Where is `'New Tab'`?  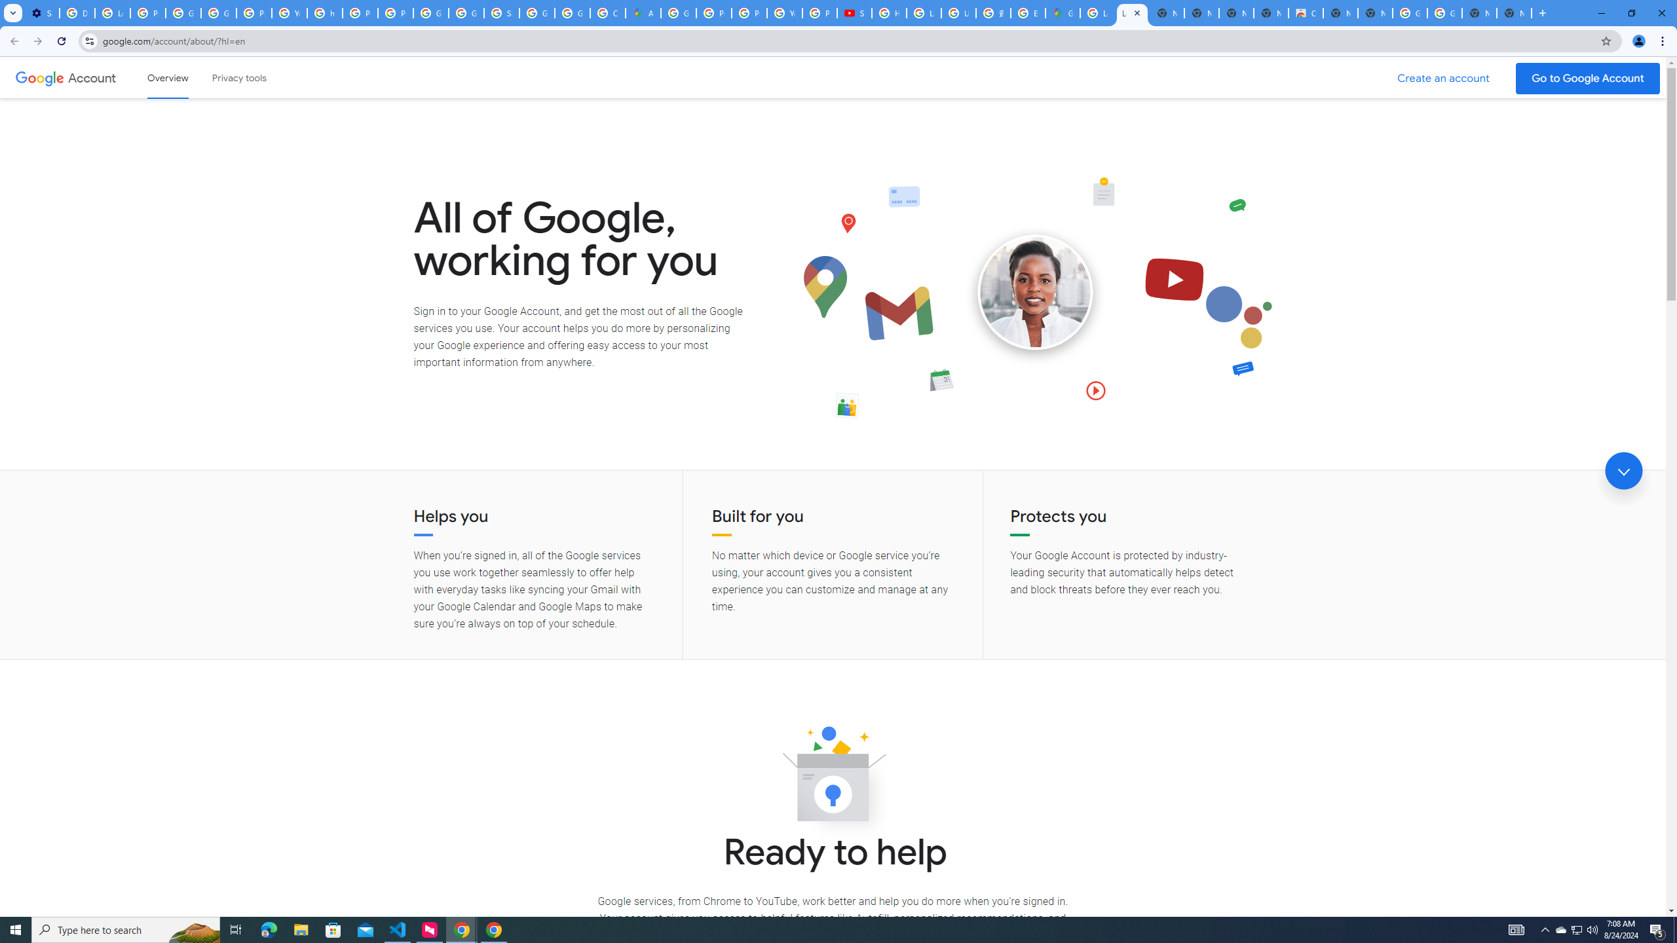 'New Tab' is located at coordinates (1514, 12).